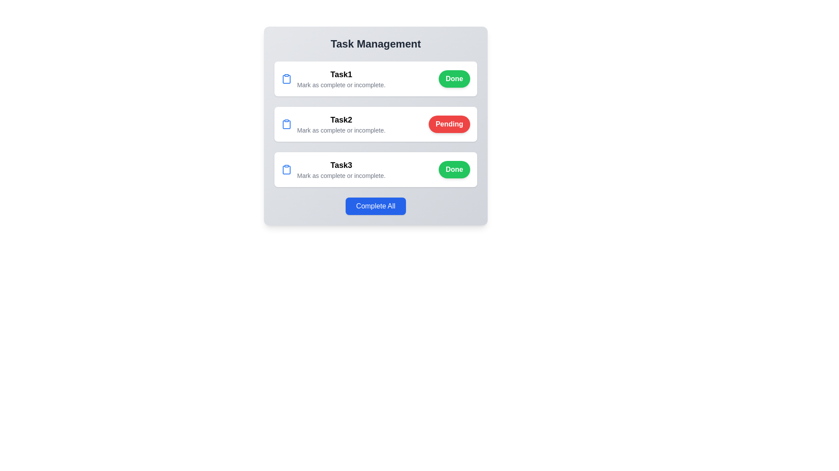 The width and height of the screenshot is (839, 471). Describe the element at coordinates (375, 206) in the screenshot. I see `'Complete All' button to mark all tasks as complete` at that location.